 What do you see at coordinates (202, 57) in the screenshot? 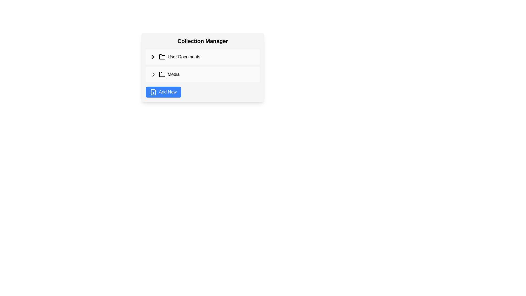
I see `the first selectable list item representing user documents, positioned near the top of the interface` at bounding box center [202, 57].